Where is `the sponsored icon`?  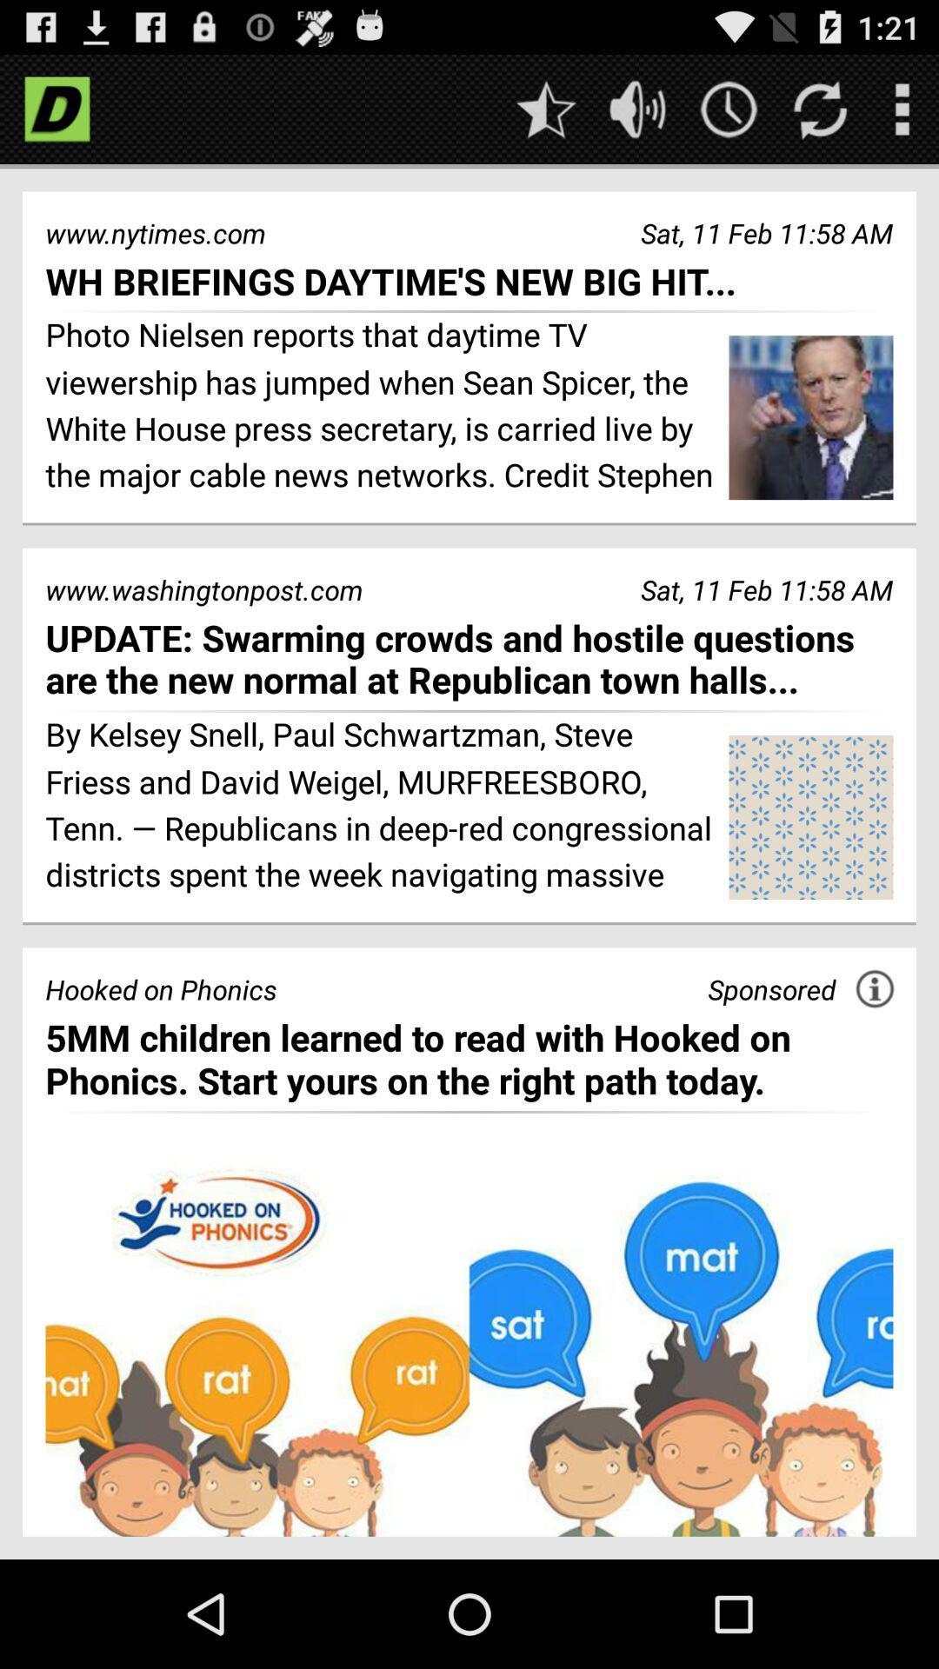 the sponsored icon is located at coordinates (770, 989).